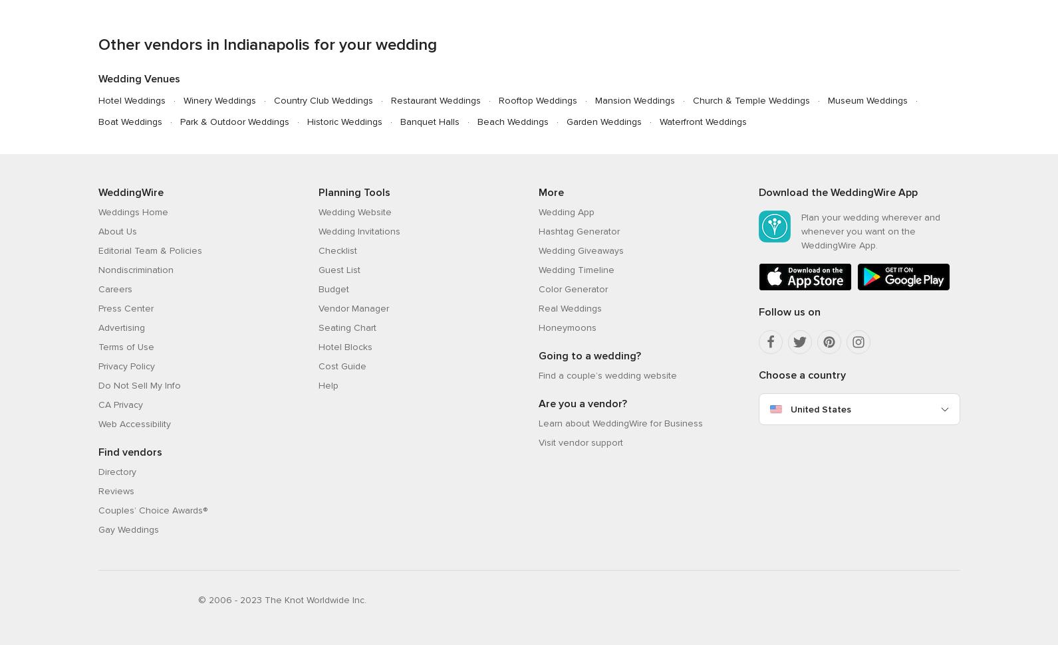  Describe the element at coordinates (114, 288) in the screenshot. I see `'Careers'` at that location.